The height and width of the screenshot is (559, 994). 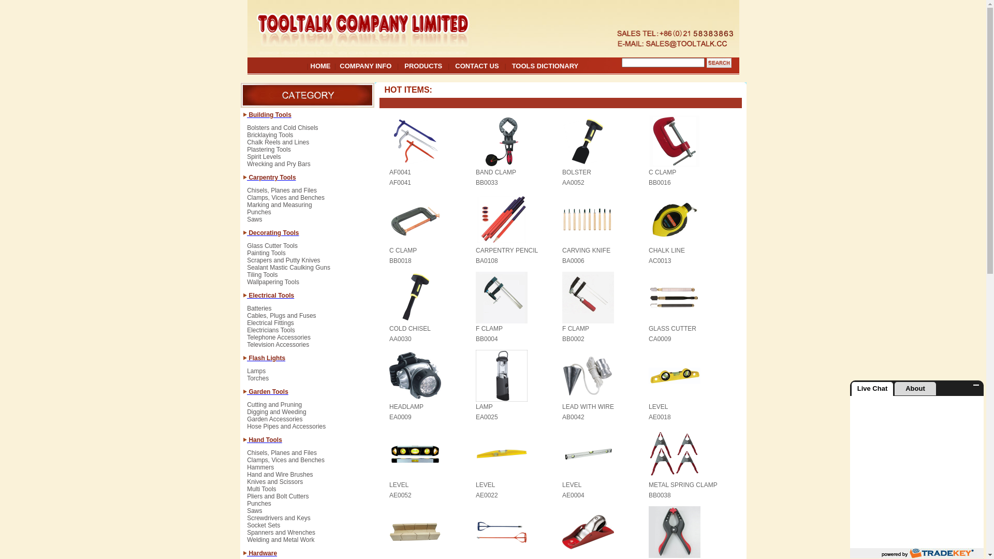 What do you see at coordinates (246, 375) in the screenshot?
I see `'Lamps'` at bounding box center [246, 375].